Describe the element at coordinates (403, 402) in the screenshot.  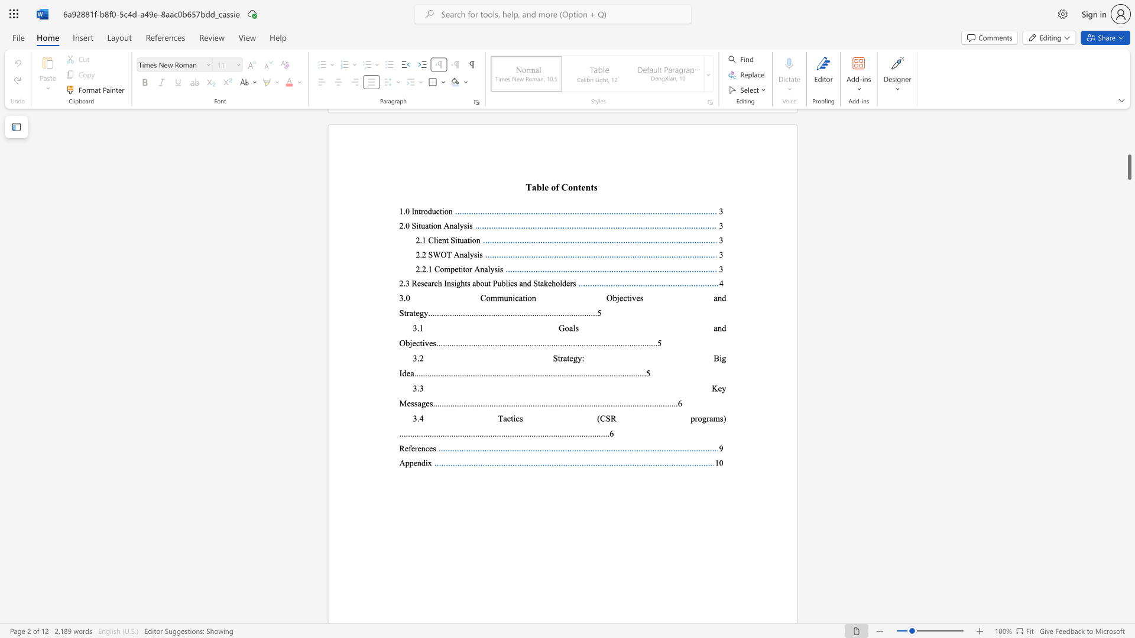
I see `the 1th character "M" in the text` at that location.